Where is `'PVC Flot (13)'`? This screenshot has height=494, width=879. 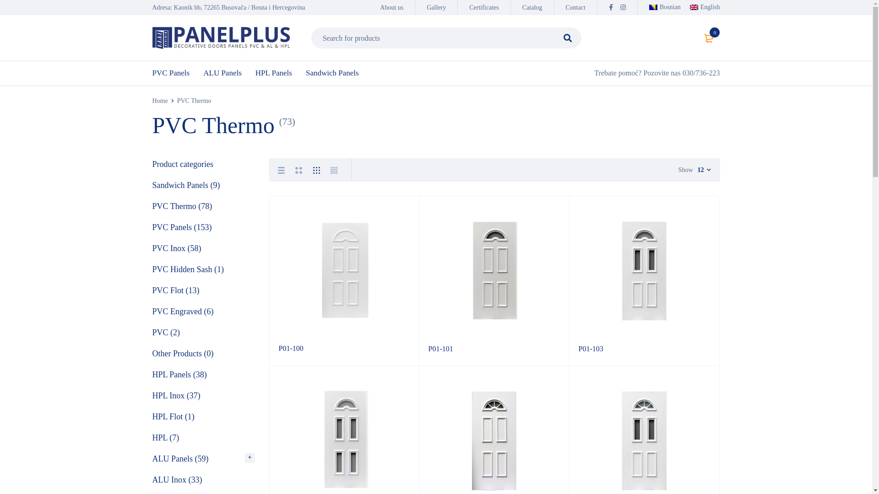 'PVC Flot (13)' is located at coordinates (176, 290).